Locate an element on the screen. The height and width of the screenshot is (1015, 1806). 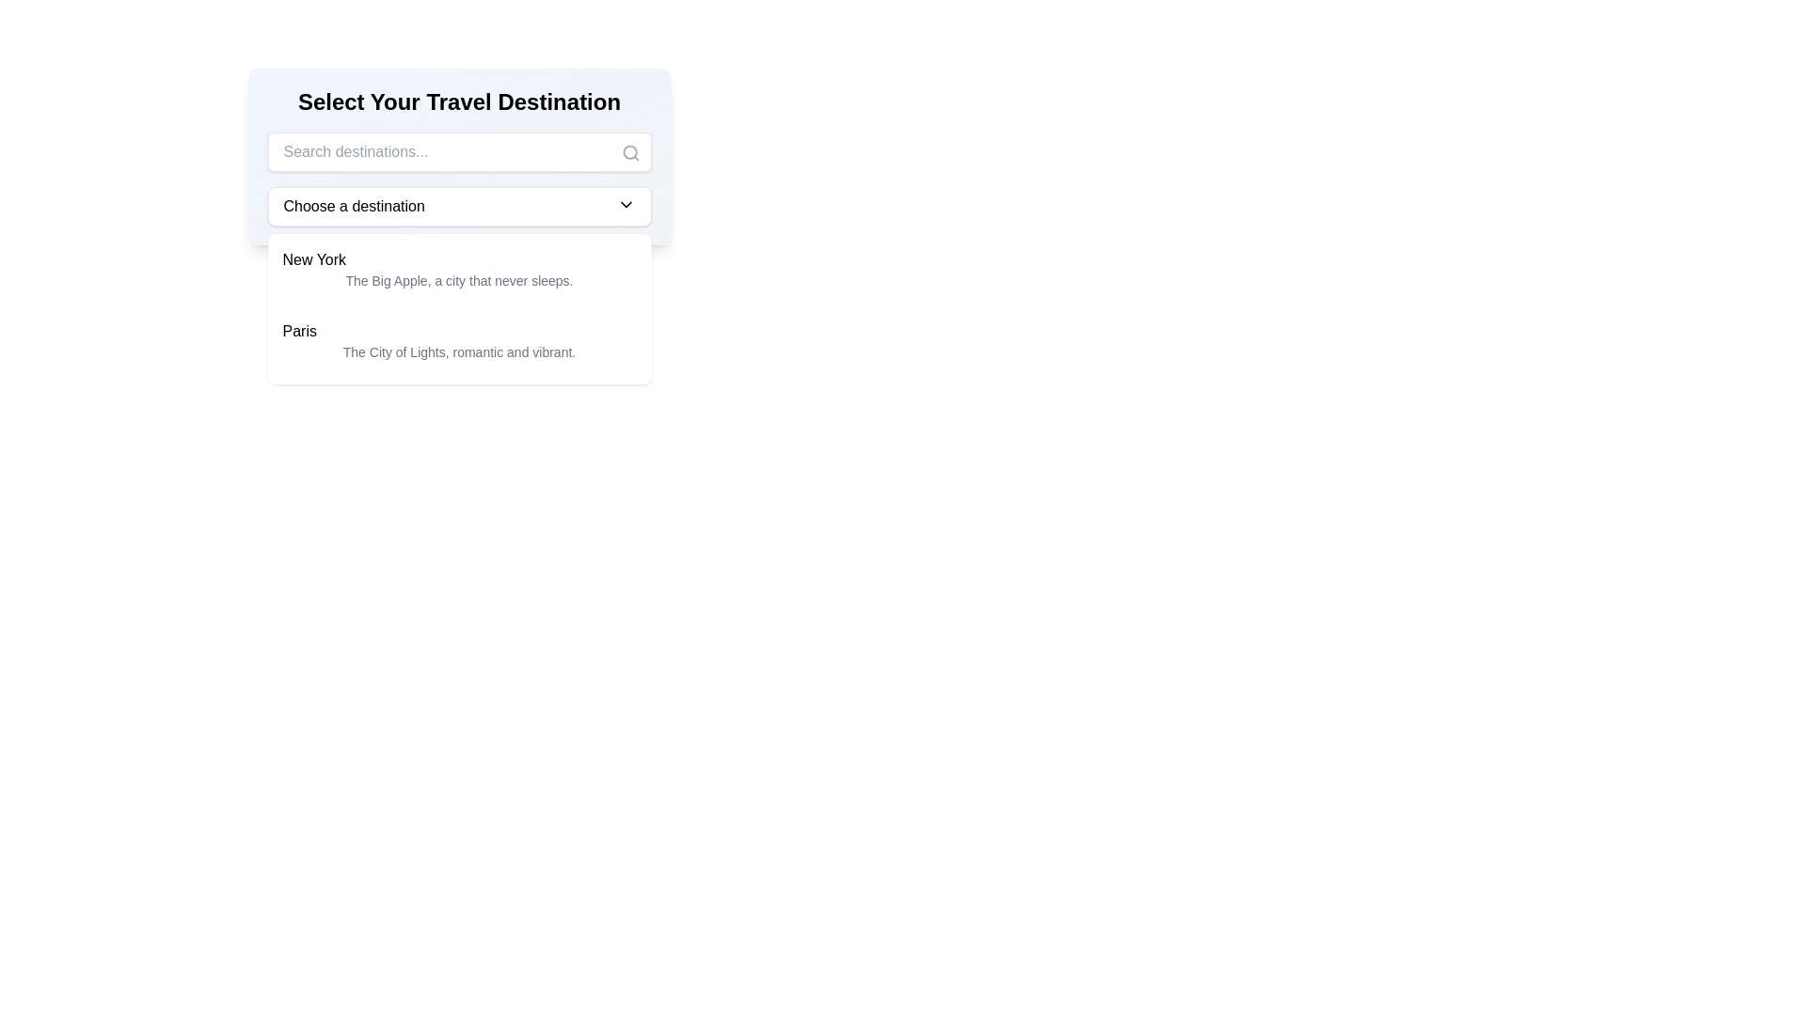
the visual state of the central circle of the 'search' icon located in the placeholder input 'Search destinations...' is located at coordinates (629, 151).